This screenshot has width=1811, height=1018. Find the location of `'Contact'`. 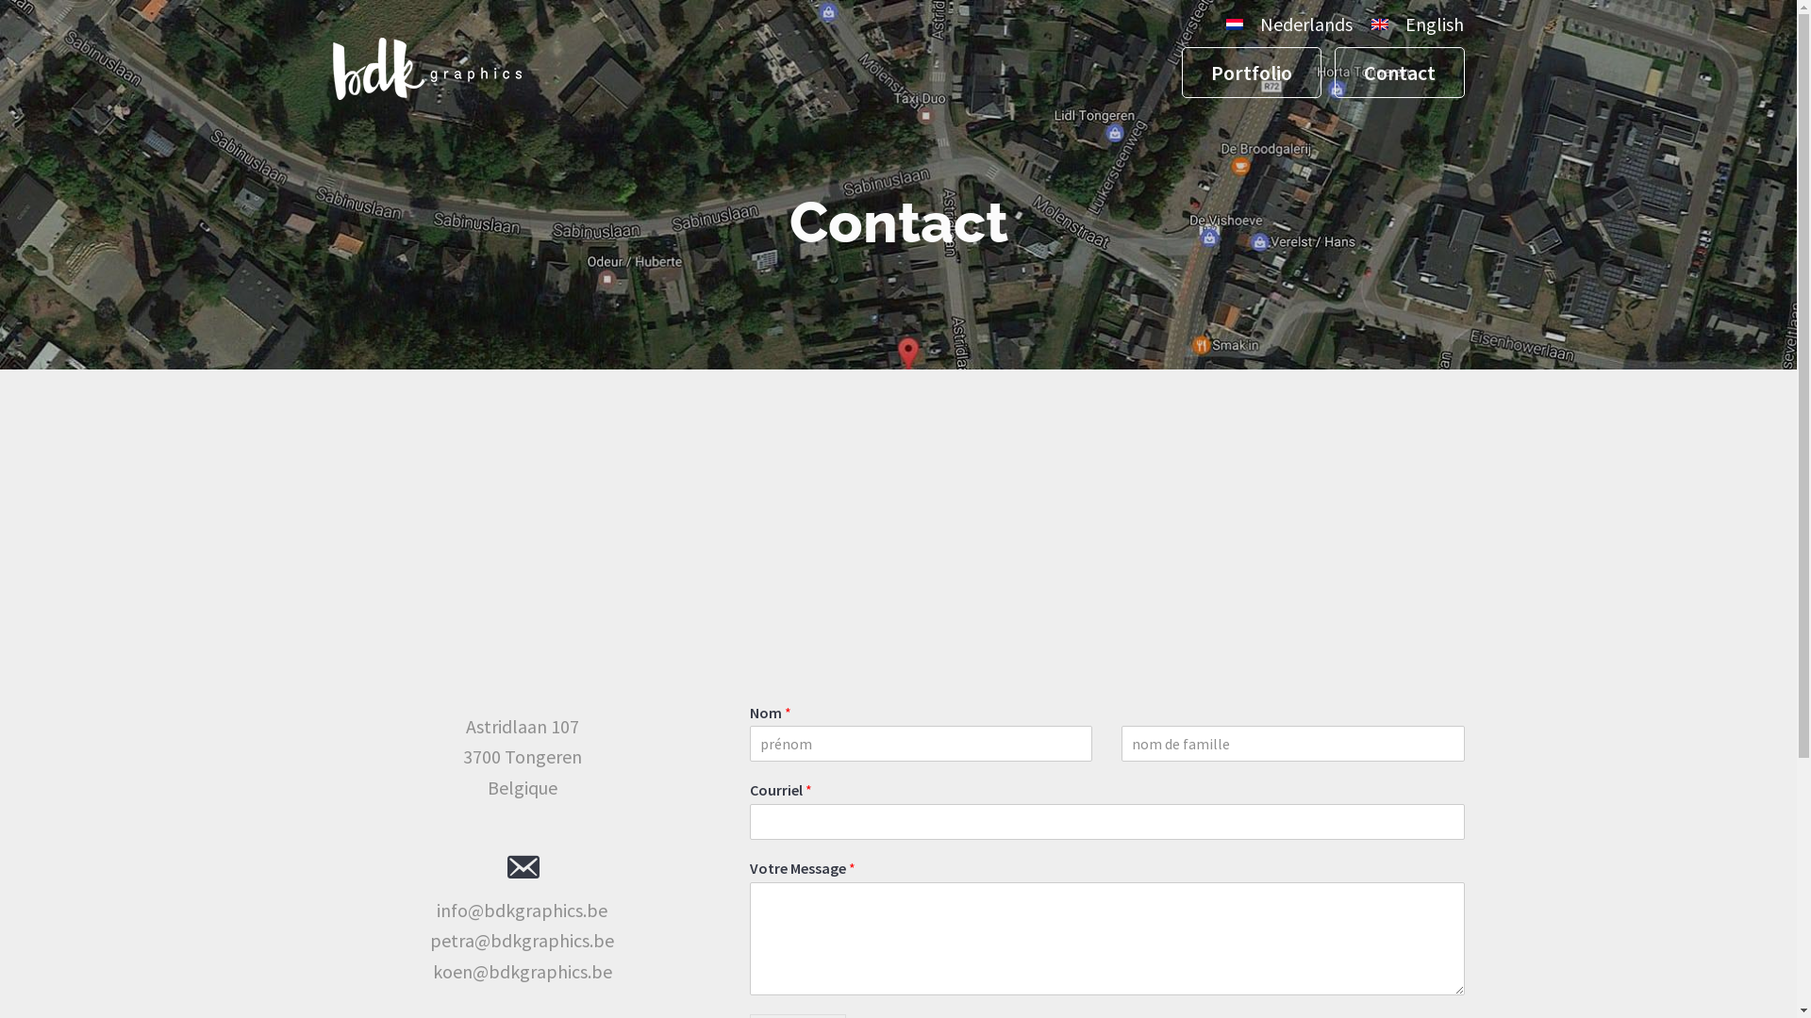

'Contact' is located at coordinates (1399, 72).